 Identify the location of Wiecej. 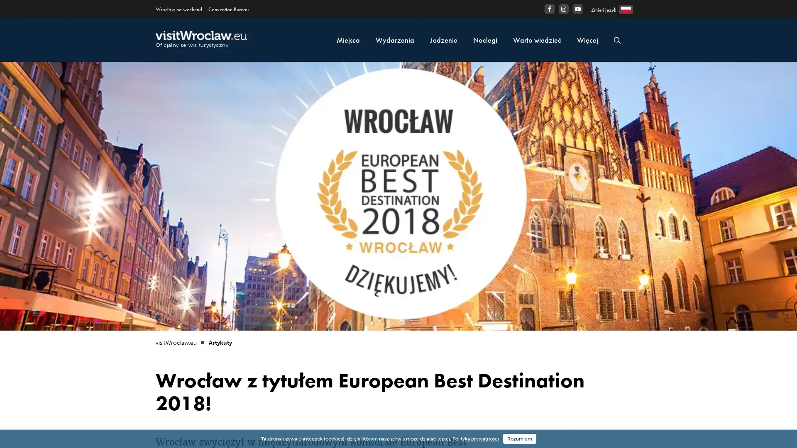
(587, 40).